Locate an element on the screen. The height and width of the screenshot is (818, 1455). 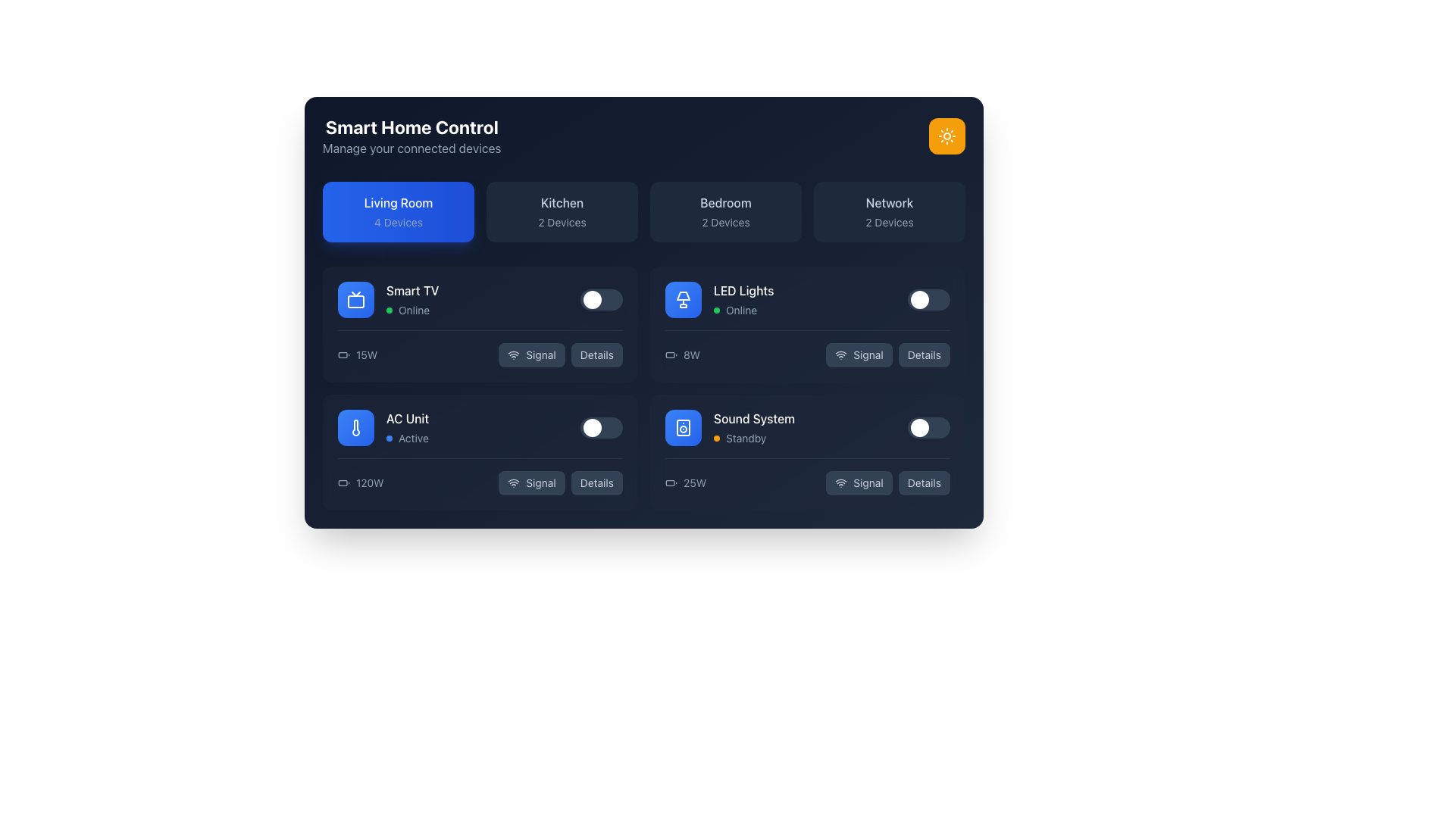
the detailed display interface for power consumption and control buttons located in the lower section of the 'Smart TV' block in the 'Living Room' sub-section is located at coordinates (479, 348).